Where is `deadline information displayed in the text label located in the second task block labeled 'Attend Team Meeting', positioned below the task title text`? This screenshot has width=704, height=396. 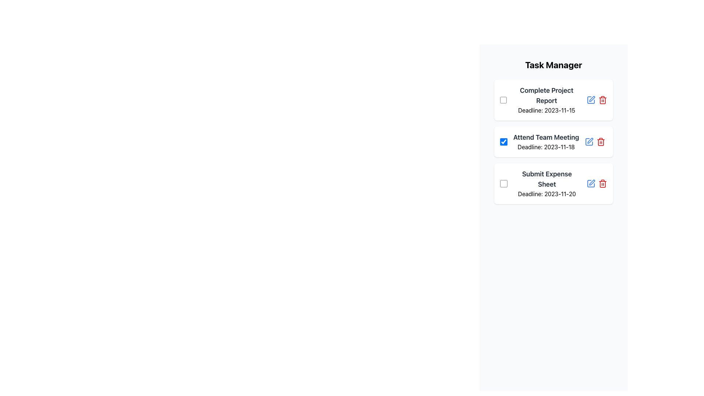 deadline information displayed in the text label located in the second task block labeled 'Attend Team Meeting', positioned below the task title text is located at coordinates (546, 147).